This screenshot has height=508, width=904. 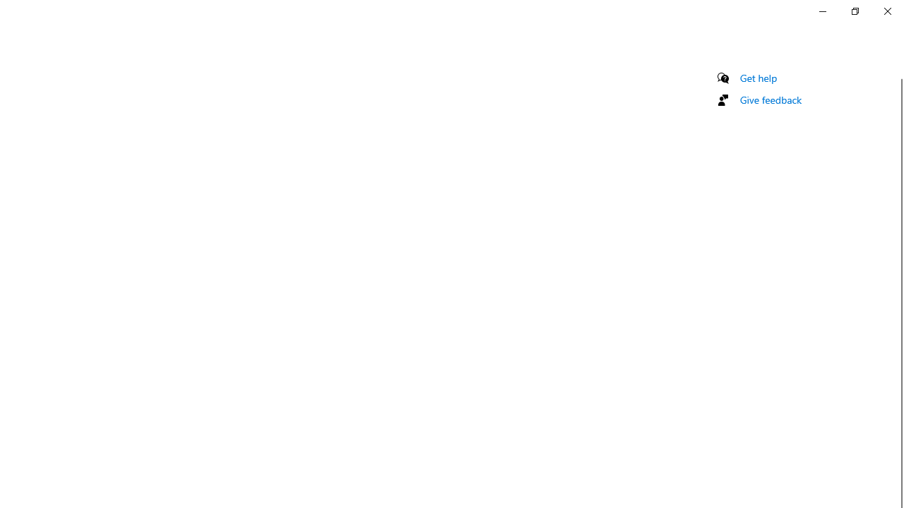 What do you see at coordinates (854, 11) in the screenshot?
I see `'Restore Settings'` at bounding box center [854, 11].